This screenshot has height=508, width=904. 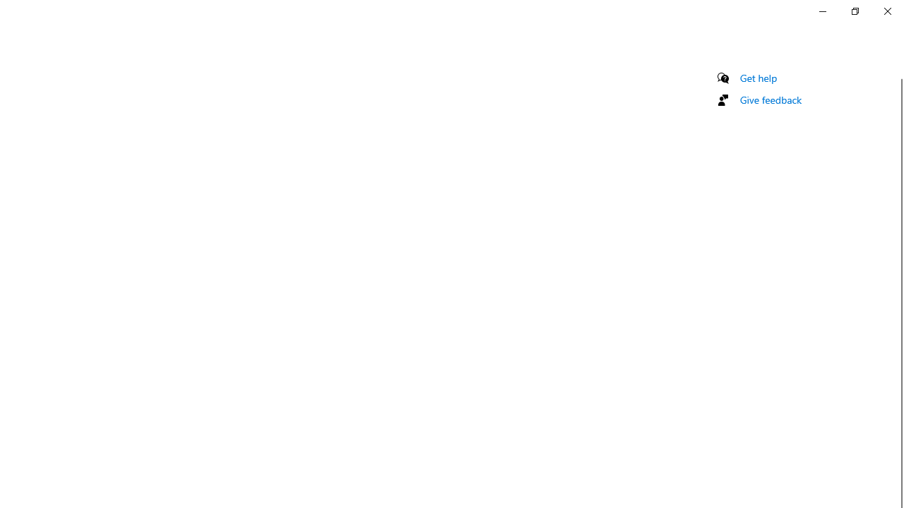 What do you see at coordinates (854, 11) in the screenshot?
I see `'Restore Settings'` at bounding box center [854, 11].